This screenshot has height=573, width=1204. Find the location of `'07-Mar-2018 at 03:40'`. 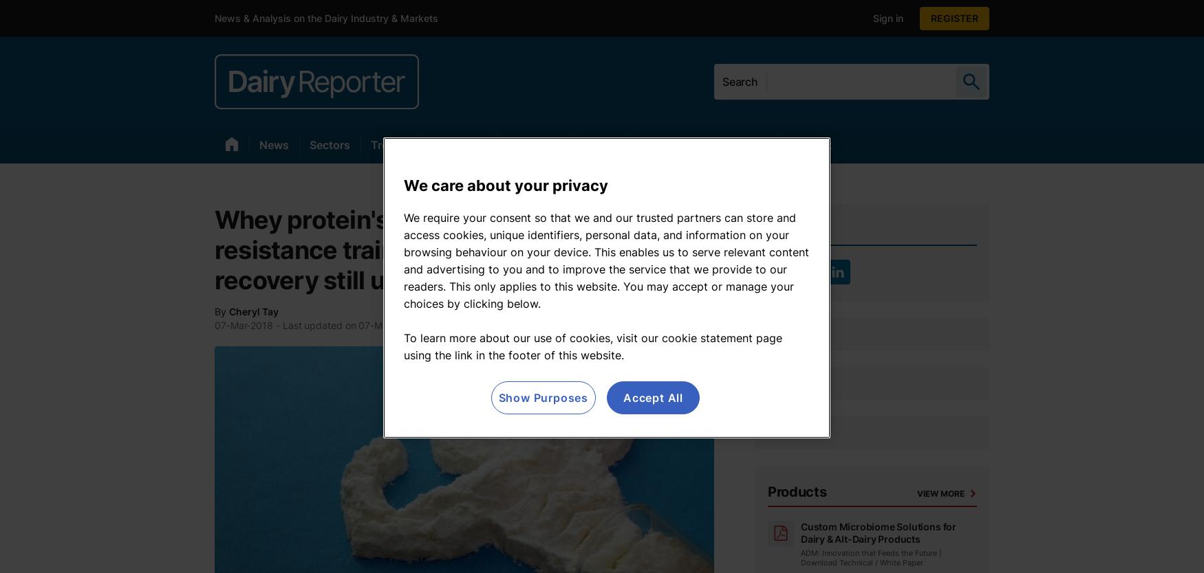

'07-Mar-2018 at 03:40' is located at coordinates (408, 325).